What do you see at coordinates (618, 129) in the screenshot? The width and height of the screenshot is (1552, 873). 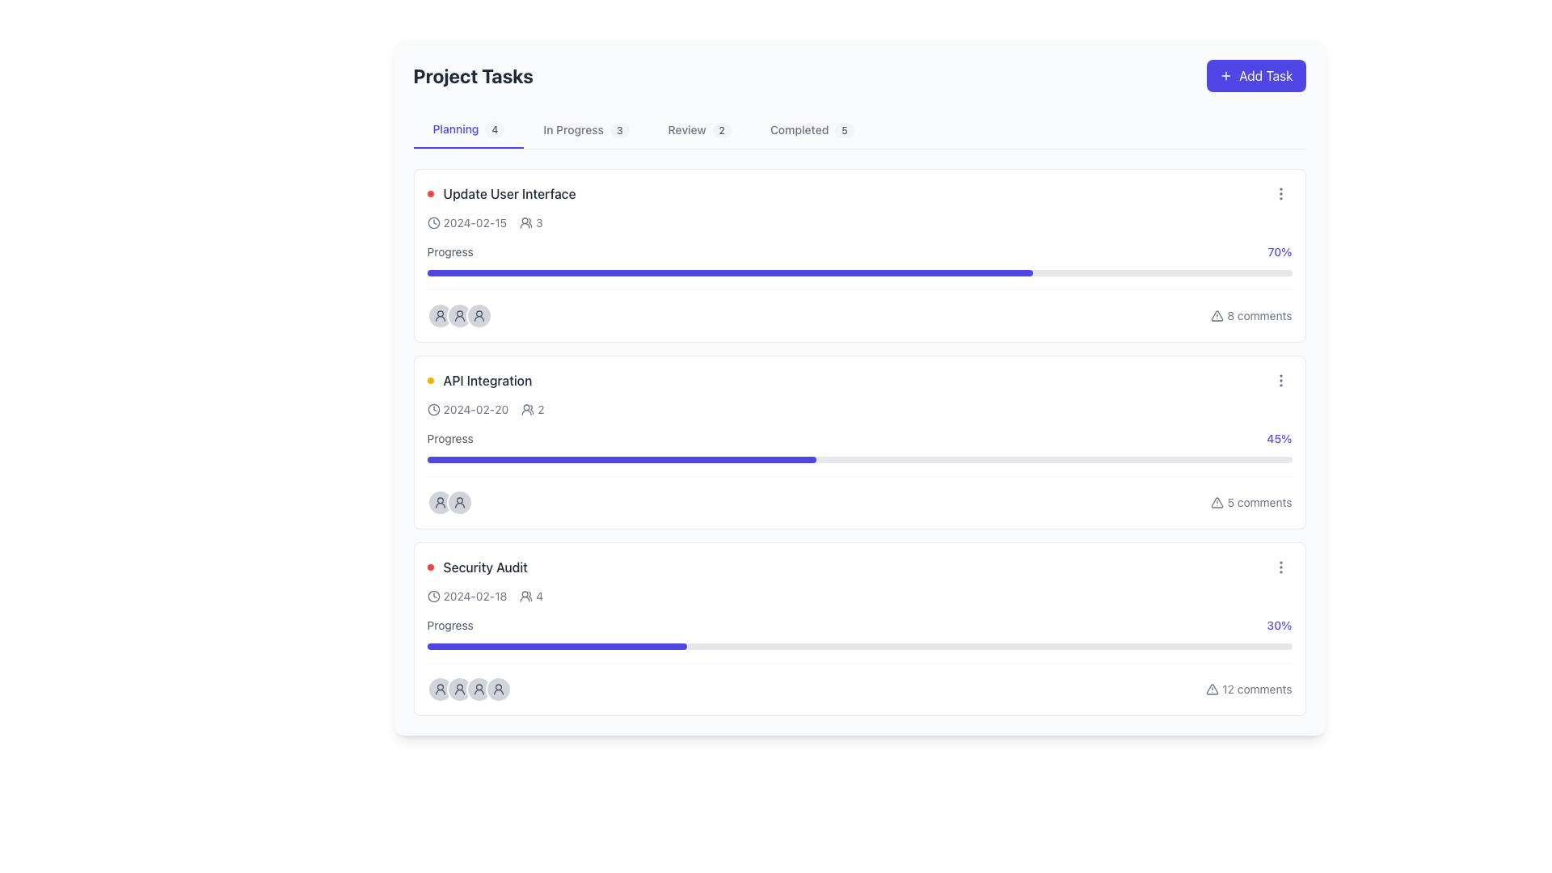 I see `the 'In Progress' Count badge located to the right of the 'In Progress' text label in the navigation bar` at bounding box center [618, 129].